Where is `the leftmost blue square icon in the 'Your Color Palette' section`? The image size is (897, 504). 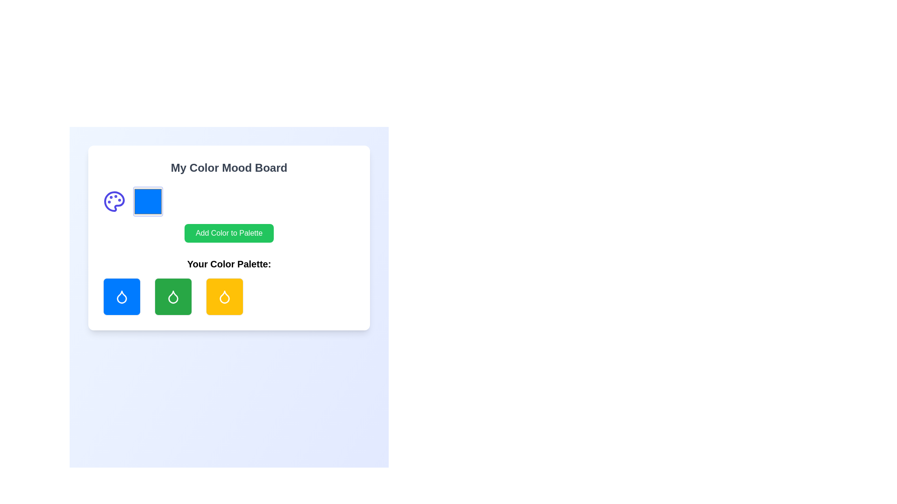
the leftmost blue square icon in the 'Your Color Palette' section is located at coordinates (121, 297).